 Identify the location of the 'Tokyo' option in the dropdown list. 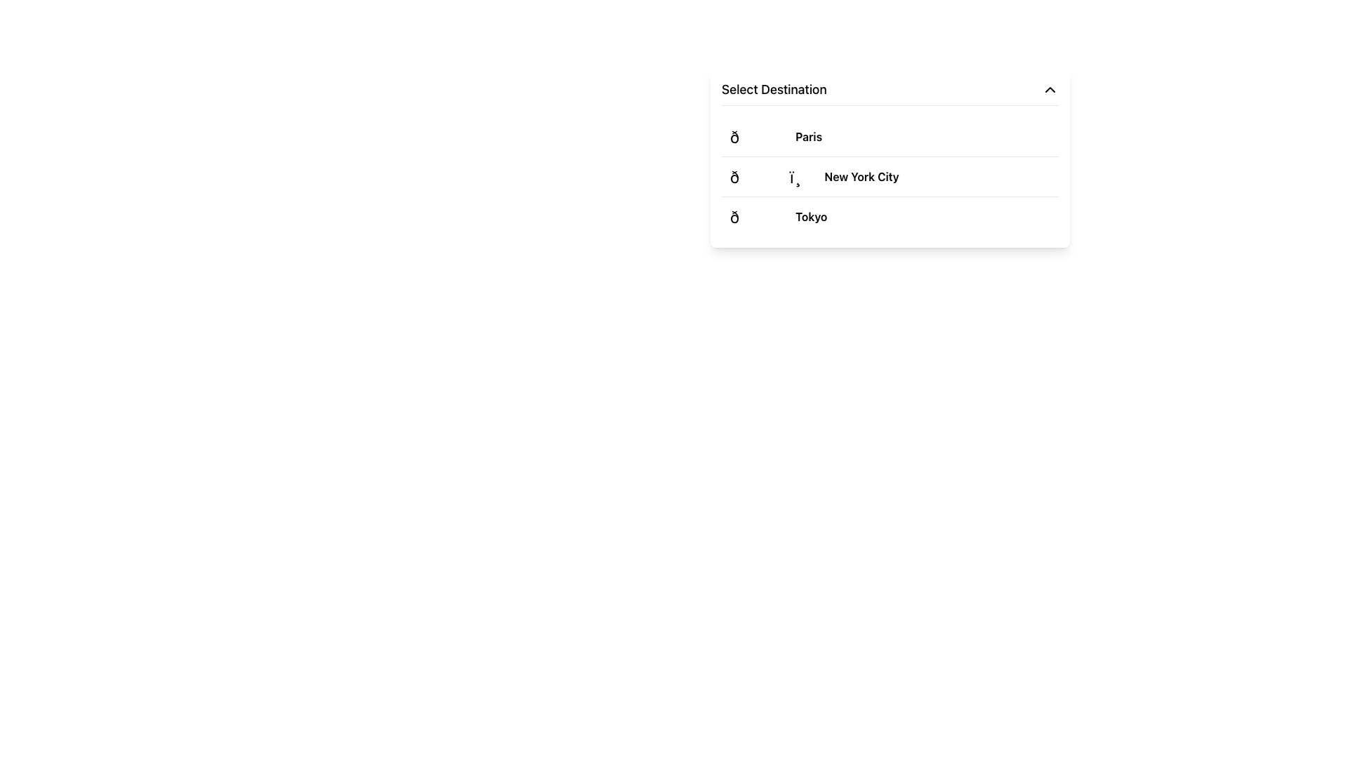
(811, 216).